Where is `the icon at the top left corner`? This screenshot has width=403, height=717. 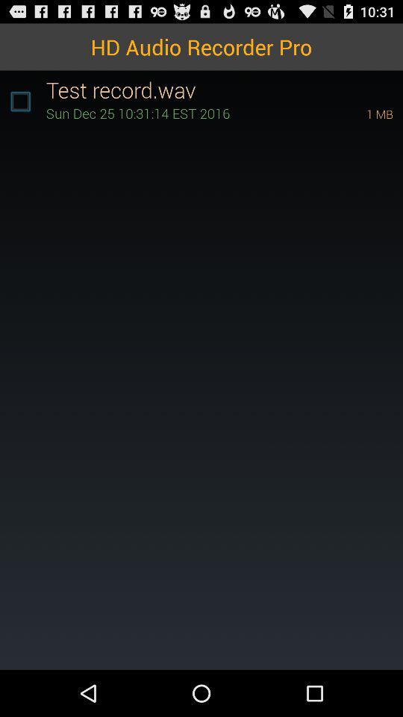
the icon at the top left corner is located at coordinates (19, 101).